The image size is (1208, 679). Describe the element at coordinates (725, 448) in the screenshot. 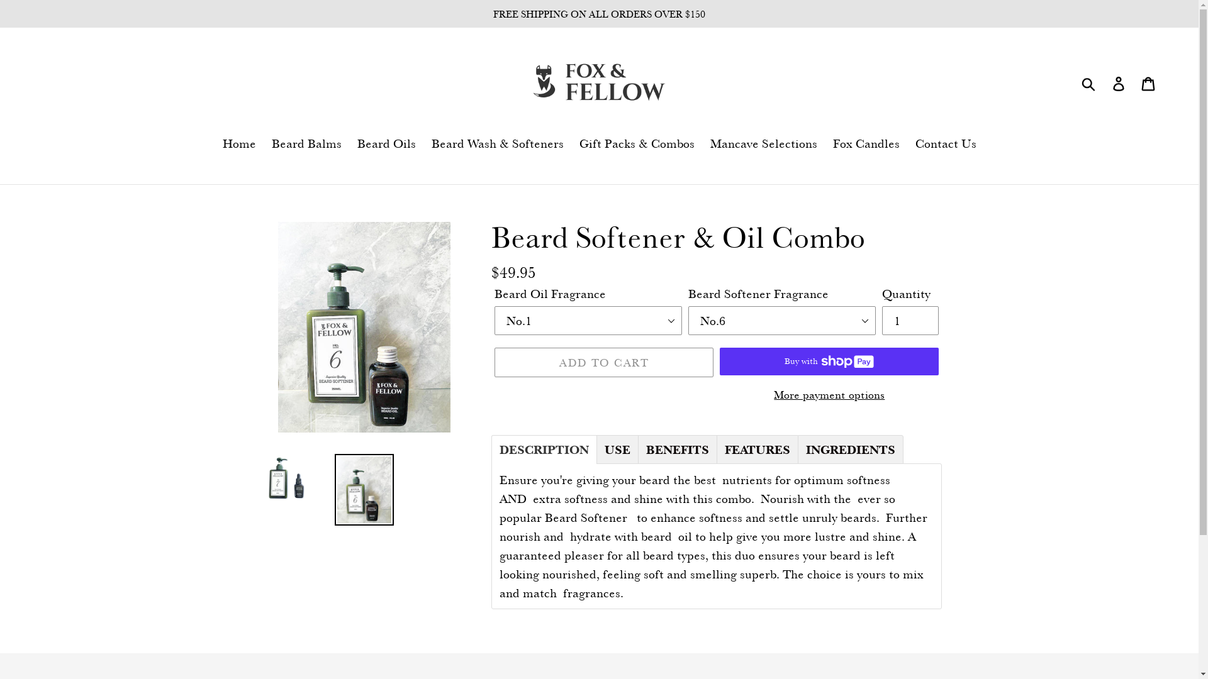

I see `'FEATURES'` at that location.